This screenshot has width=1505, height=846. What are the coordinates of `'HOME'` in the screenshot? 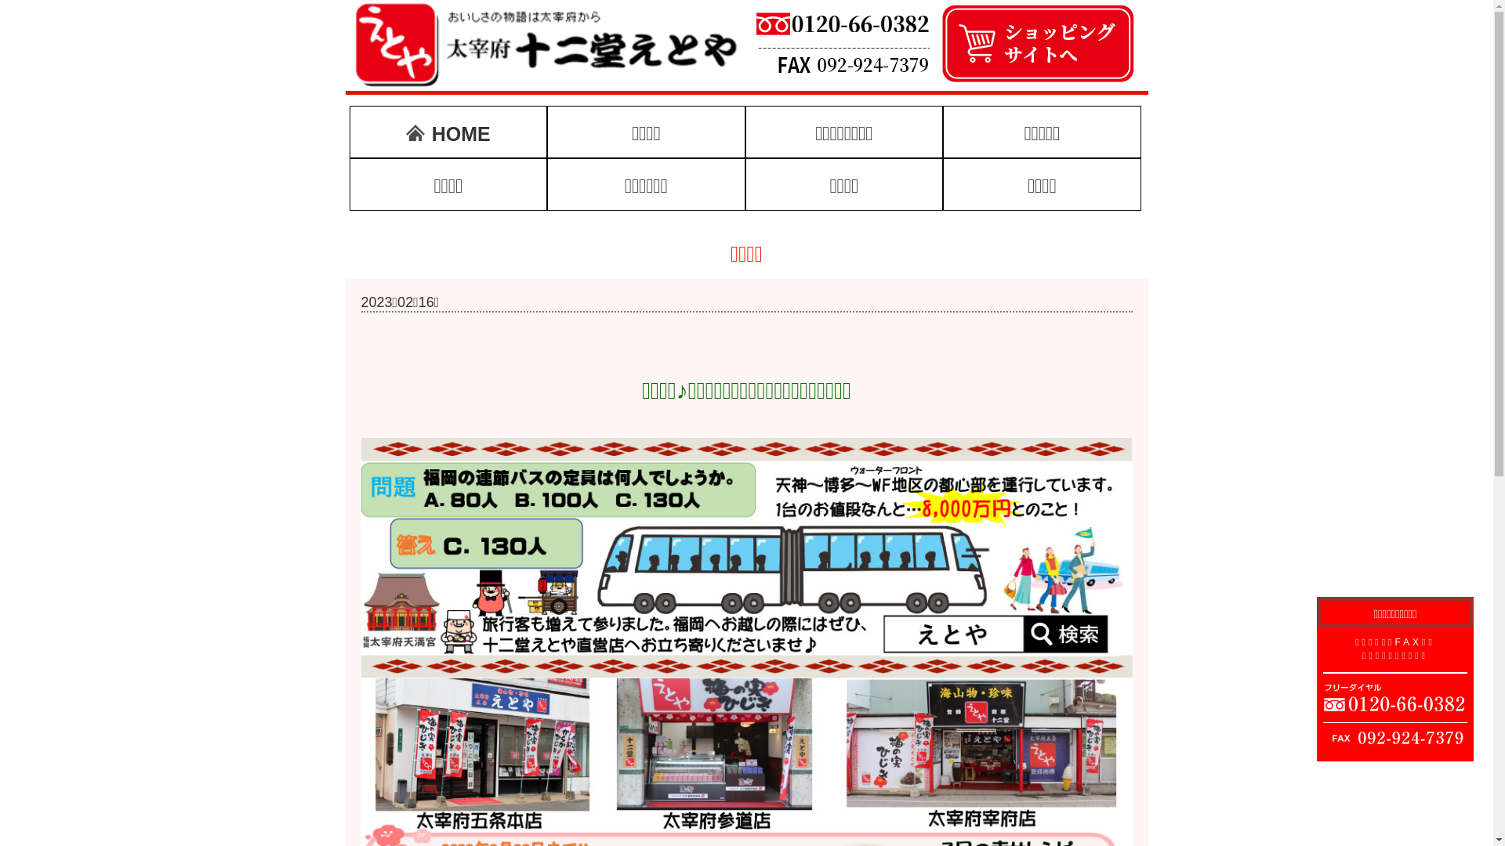 It's located at (448, 131).